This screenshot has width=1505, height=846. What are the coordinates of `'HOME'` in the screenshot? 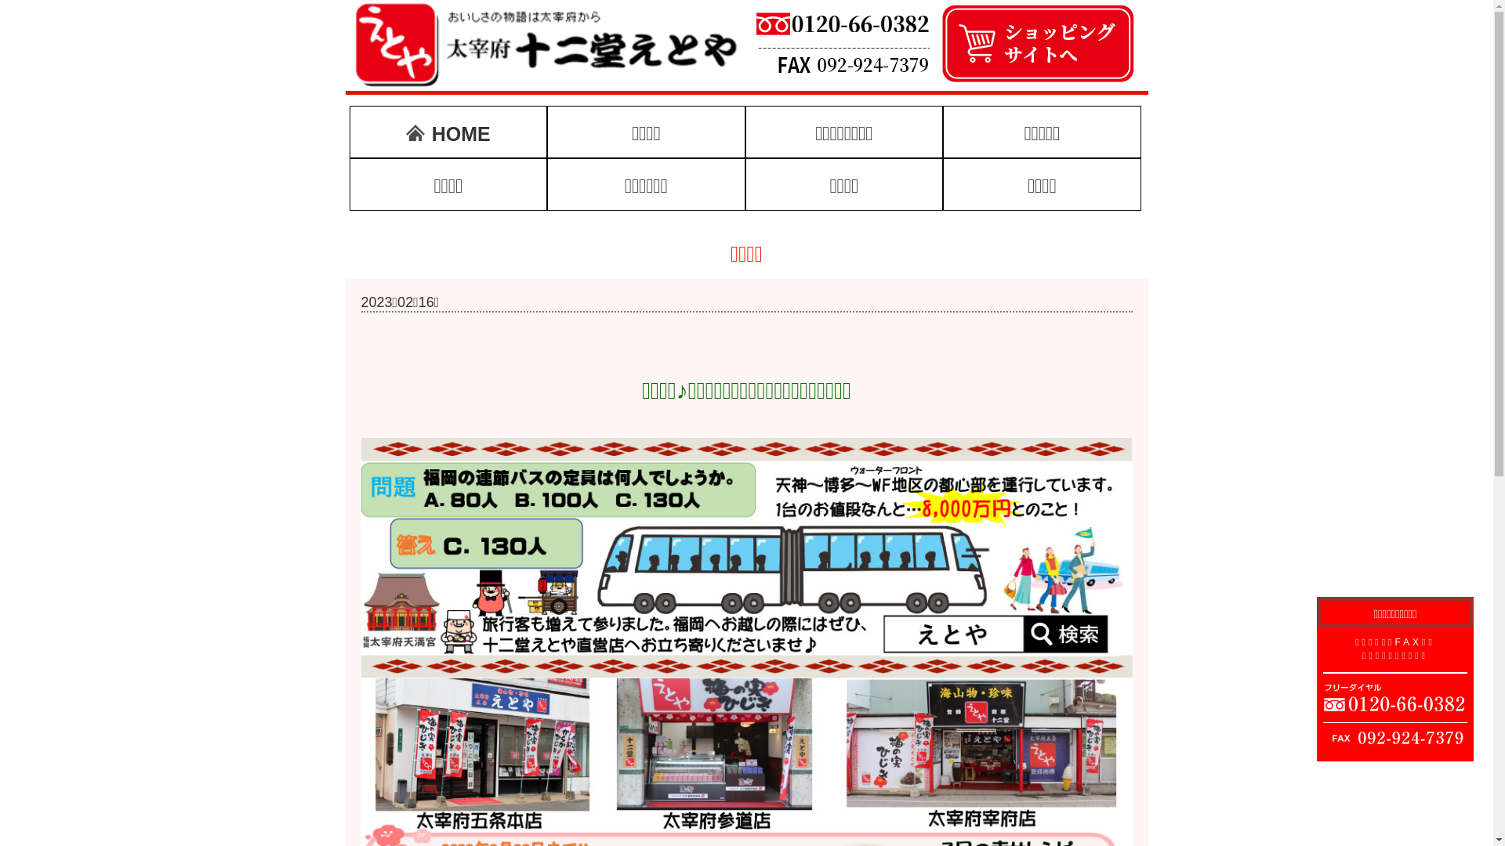 It's located at (448, 131).